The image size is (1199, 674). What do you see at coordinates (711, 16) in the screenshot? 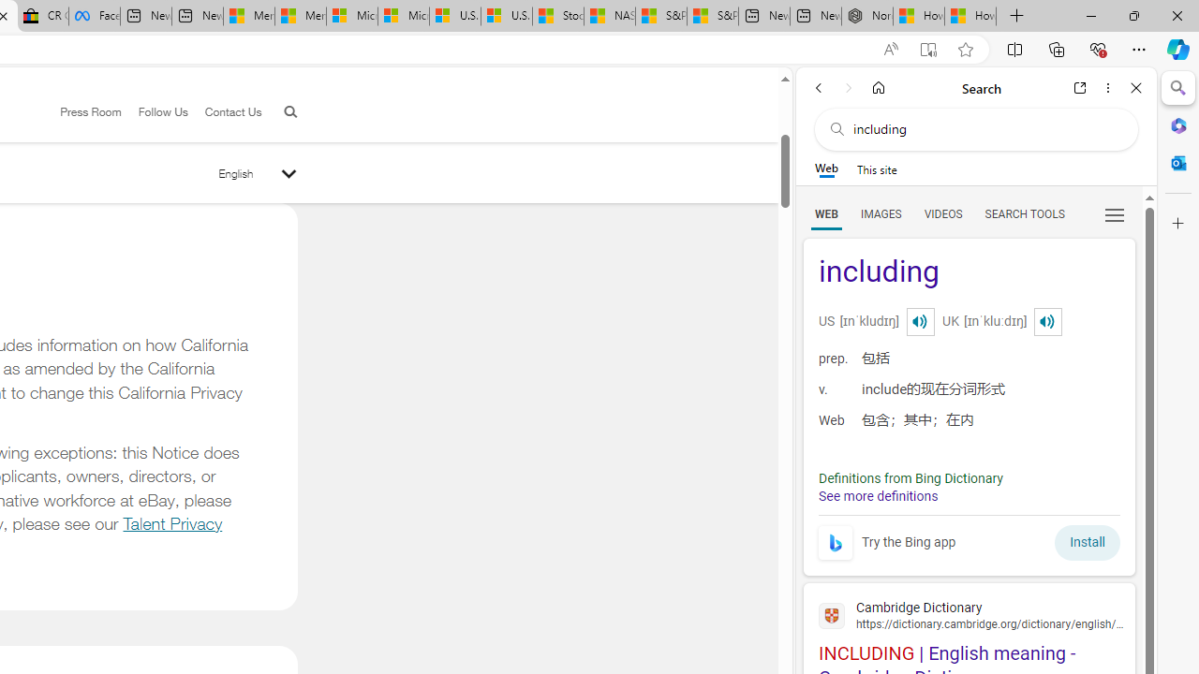
I see `'S&P 500, Nasdaq end lower, weighed by Nvidia dip | Watch'` at bounding box center [711, 16].